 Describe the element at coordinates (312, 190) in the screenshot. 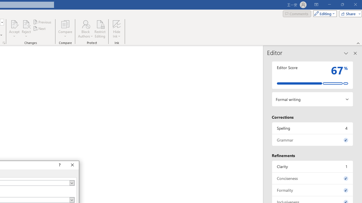

I see `'Formality, 0 issues. Press space or enter to review items.'` at that location.